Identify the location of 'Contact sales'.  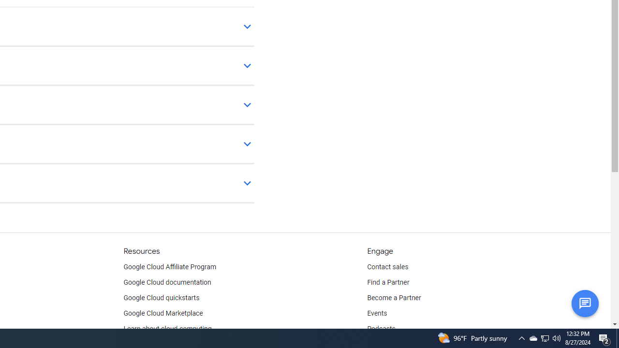
(387, 267).